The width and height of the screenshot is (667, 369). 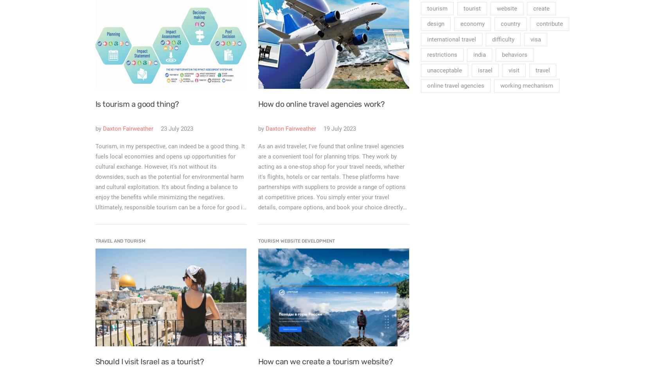 What do you see at coordinates (510, 23) in the screenshot?
I see `'country'` at bounding box center [510, 23].